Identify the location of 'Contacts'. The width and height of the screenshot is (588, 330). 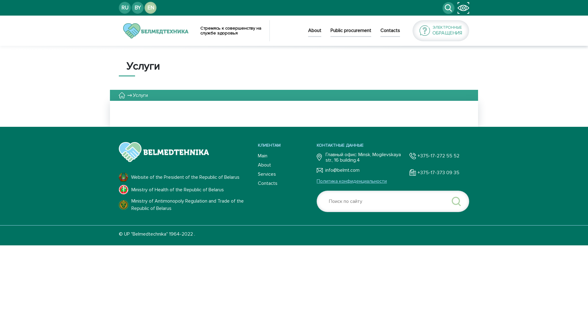
(390, 32).